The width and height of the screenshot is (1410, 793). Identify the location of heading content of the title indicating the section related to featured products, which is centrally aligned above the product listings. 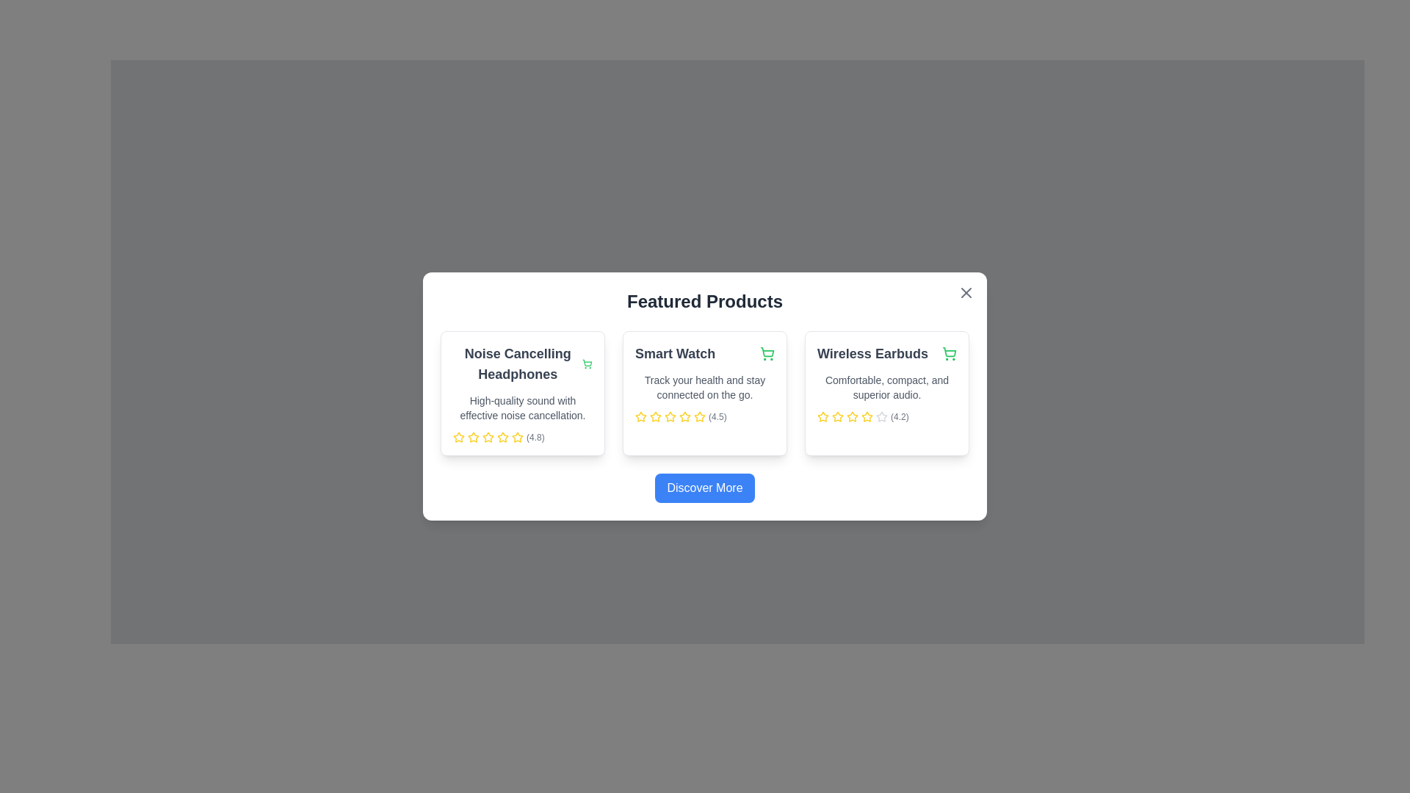
(705, 301).